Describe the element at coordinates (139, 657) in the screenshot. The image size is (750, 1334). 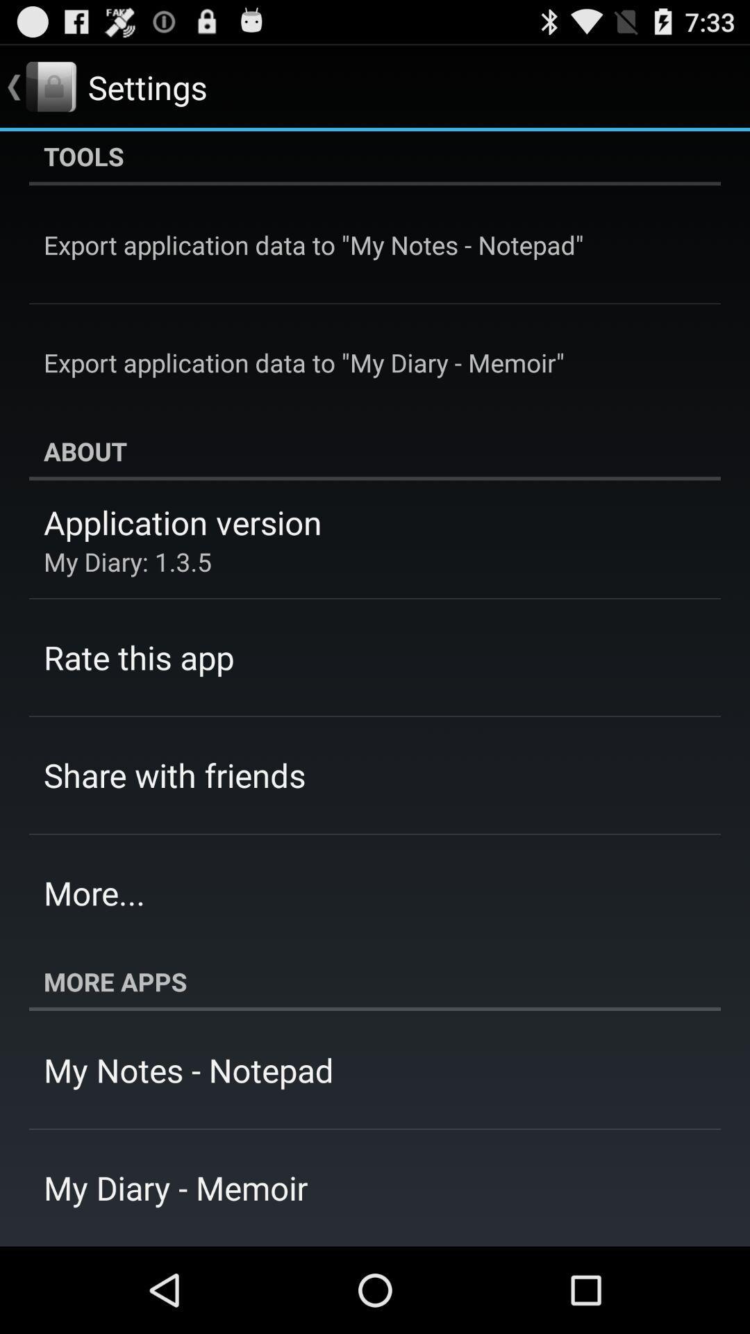
I see `rate this app item` at that location.